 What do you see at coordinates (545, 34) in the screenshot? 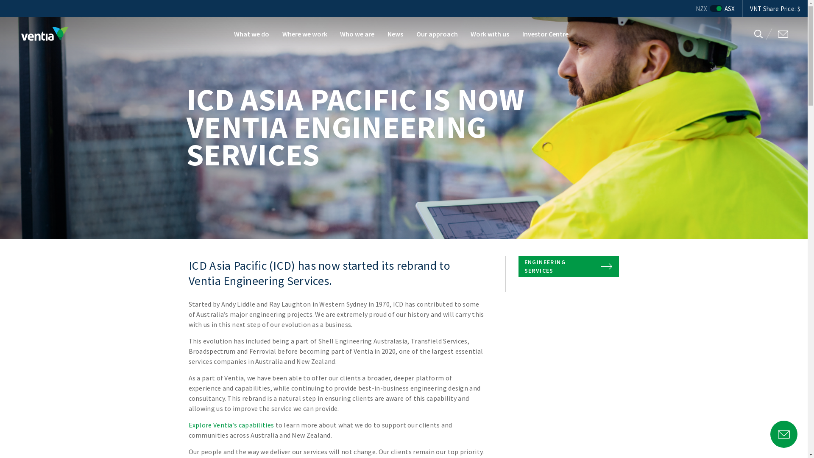
I see `'Investor Centre'` at bounding box center [545, 34].